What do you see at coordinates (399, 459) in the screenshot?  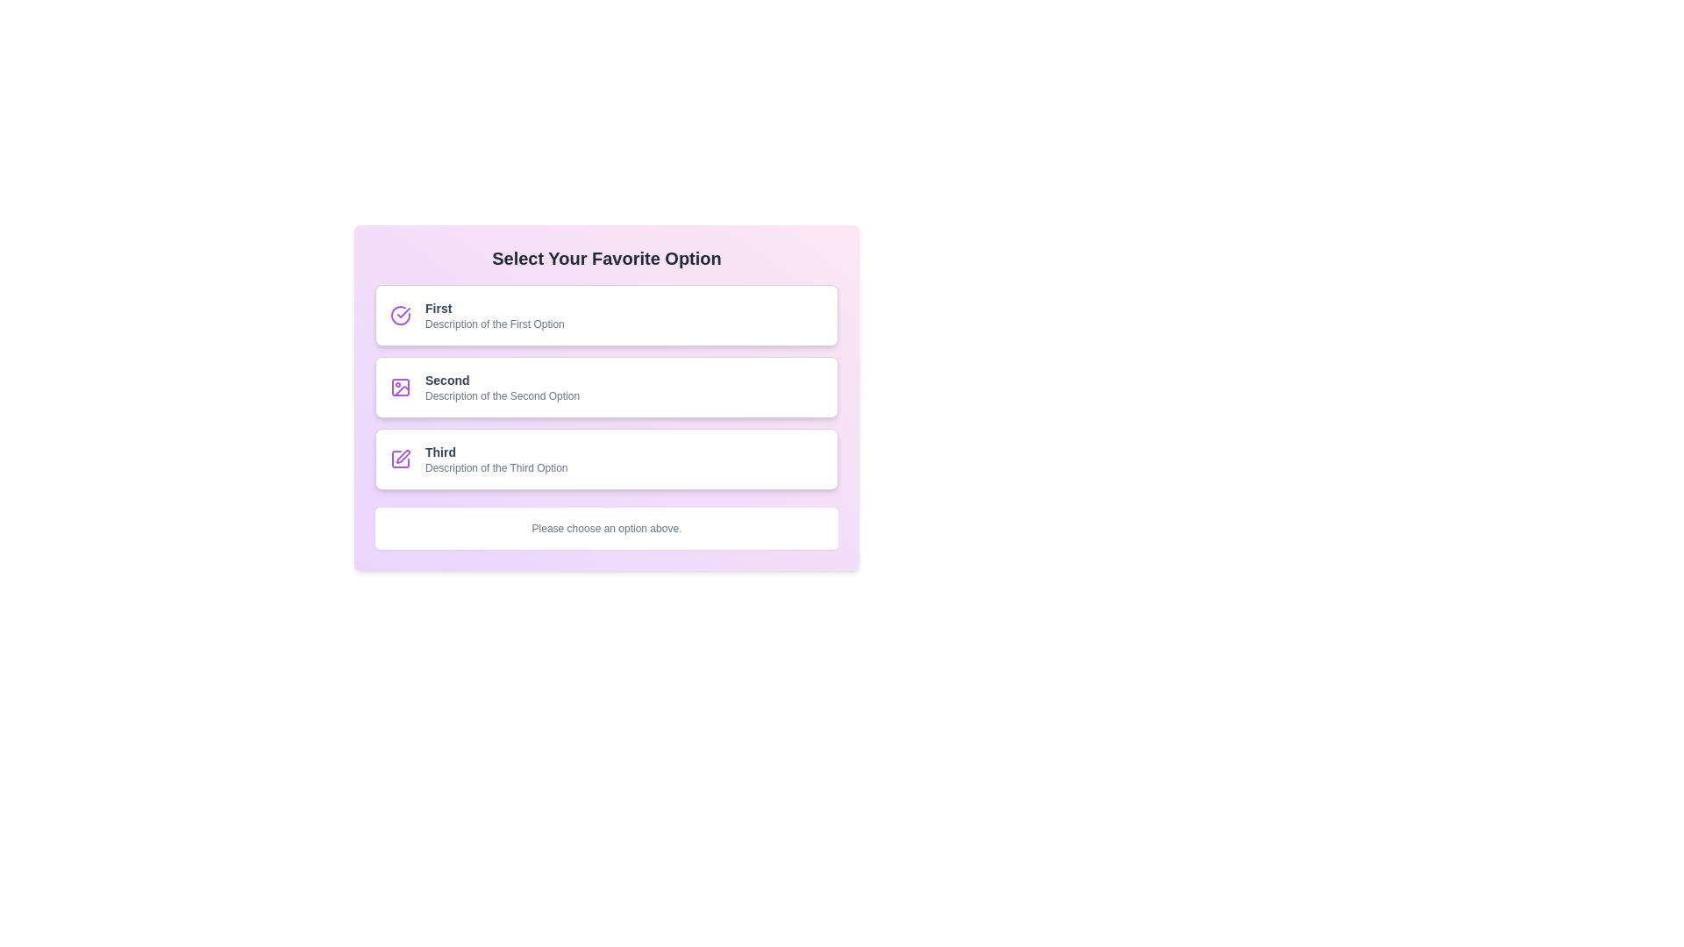 I see `the edit icon representing writing functionality related to the third option card, located at the top-left corner of the card's content` at bounding box center [399, 459].